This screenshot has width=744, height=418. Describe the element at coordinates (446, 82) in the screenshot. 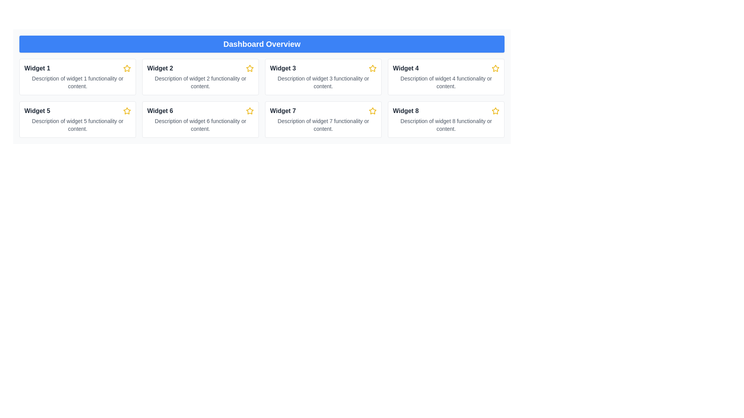

I see `the text label that states 'Description of widget 4 functionality or content.', which is located below the bold title 'Widget 4' and adjacent to a star icon` at that location.